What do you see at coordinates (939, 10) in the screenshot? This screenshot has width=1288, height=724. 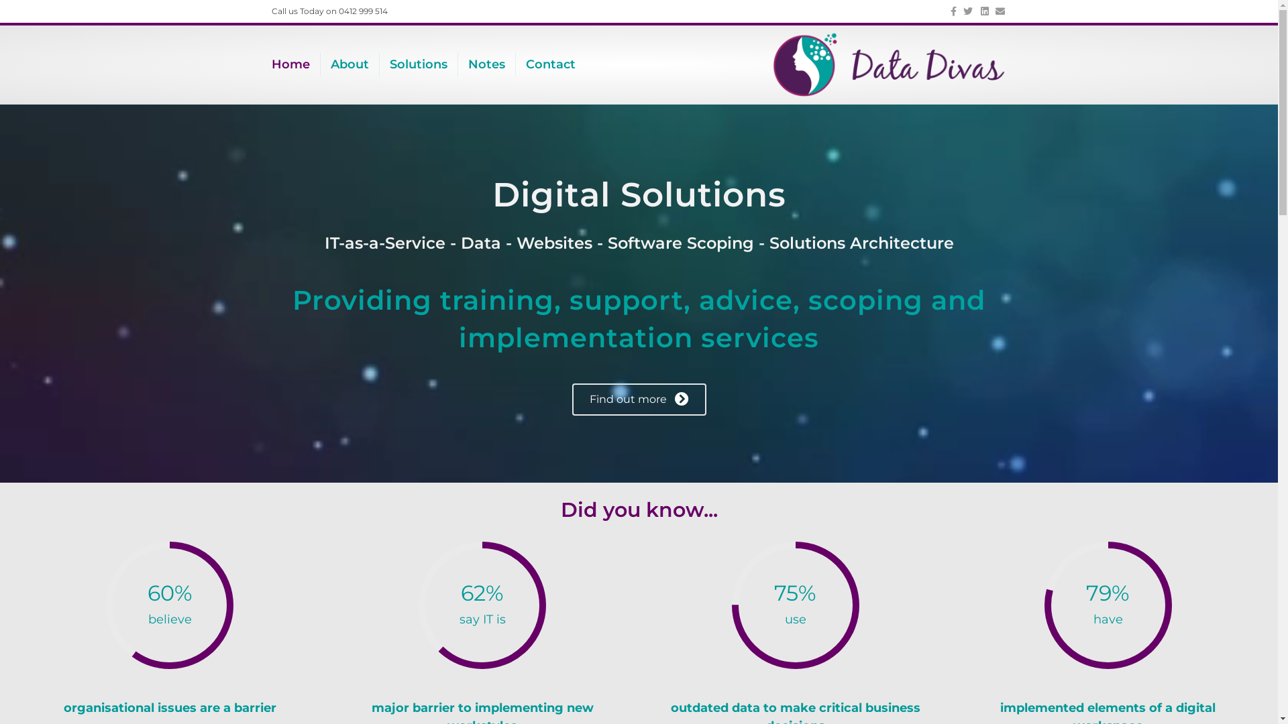 I see `'Facebook'` at bounding box center [939, 10].